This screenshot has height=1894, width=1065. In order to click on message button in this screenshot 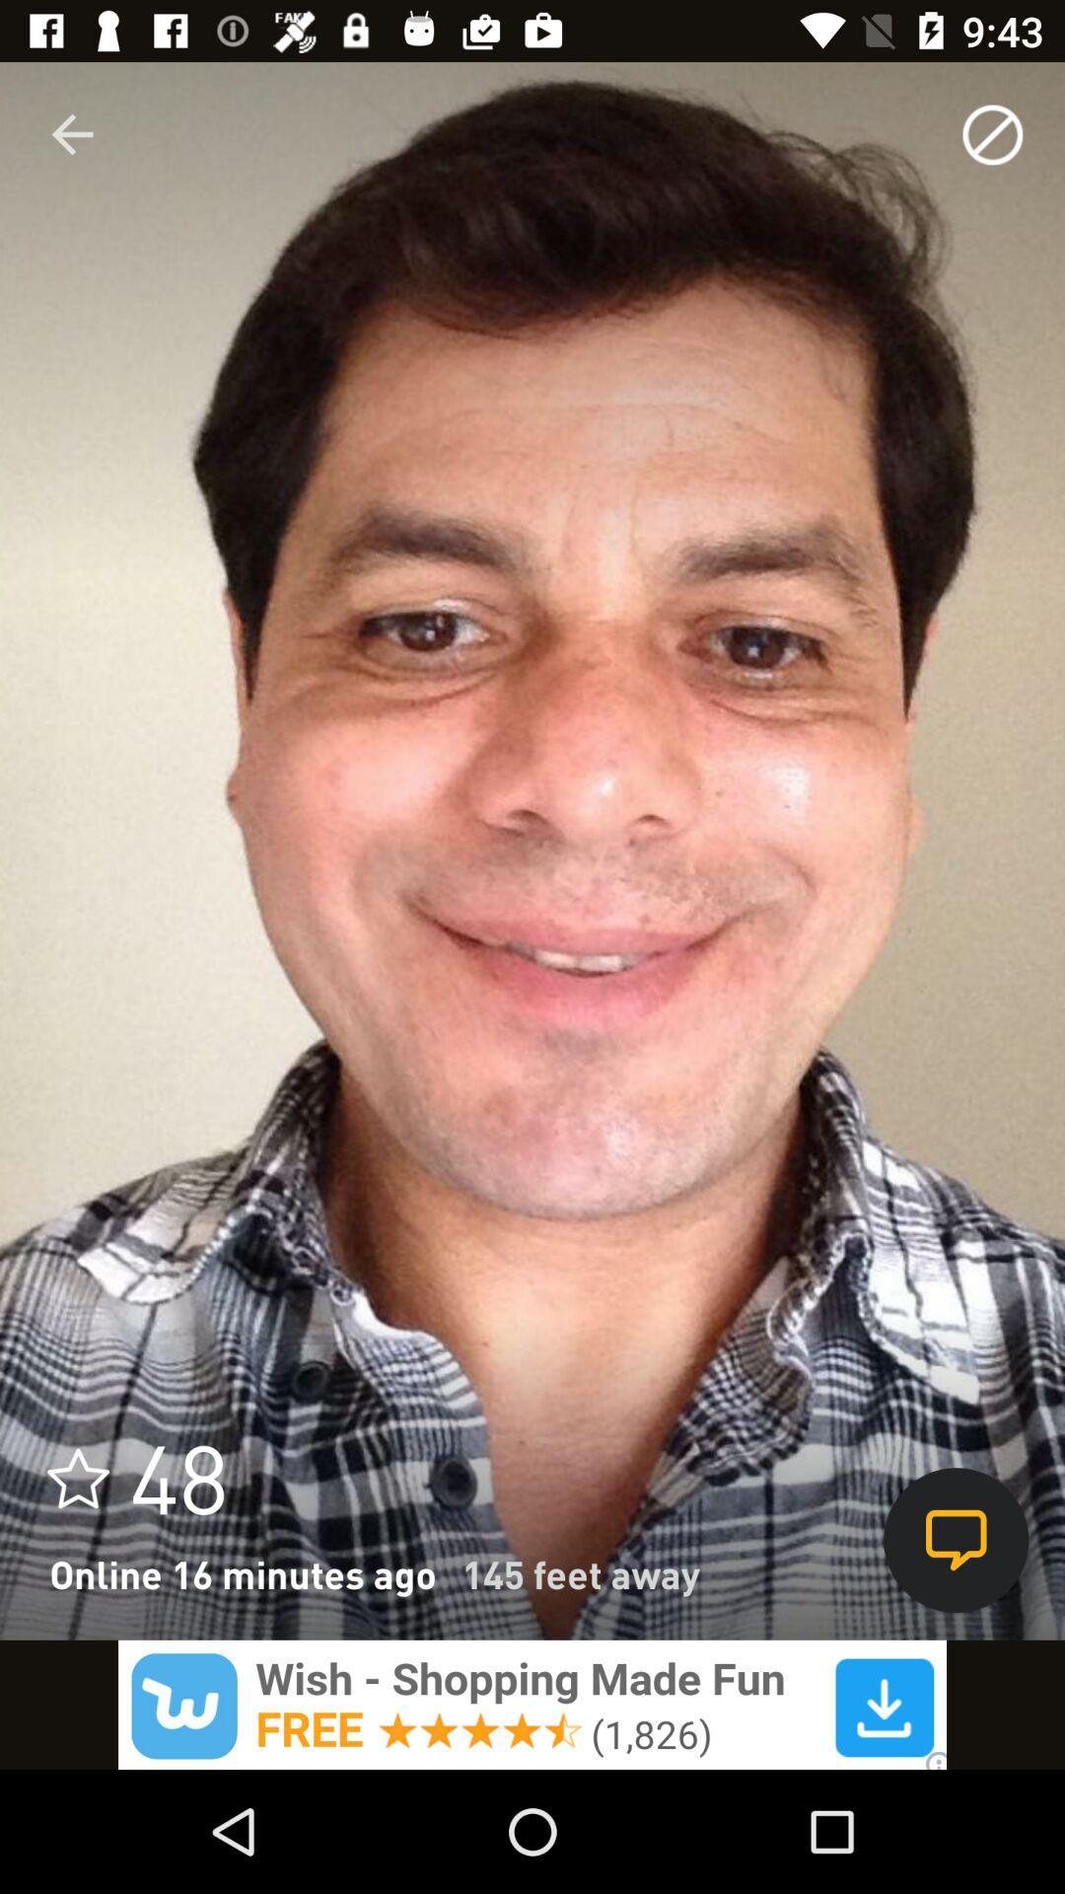, I will do `click(955, 1539)`.